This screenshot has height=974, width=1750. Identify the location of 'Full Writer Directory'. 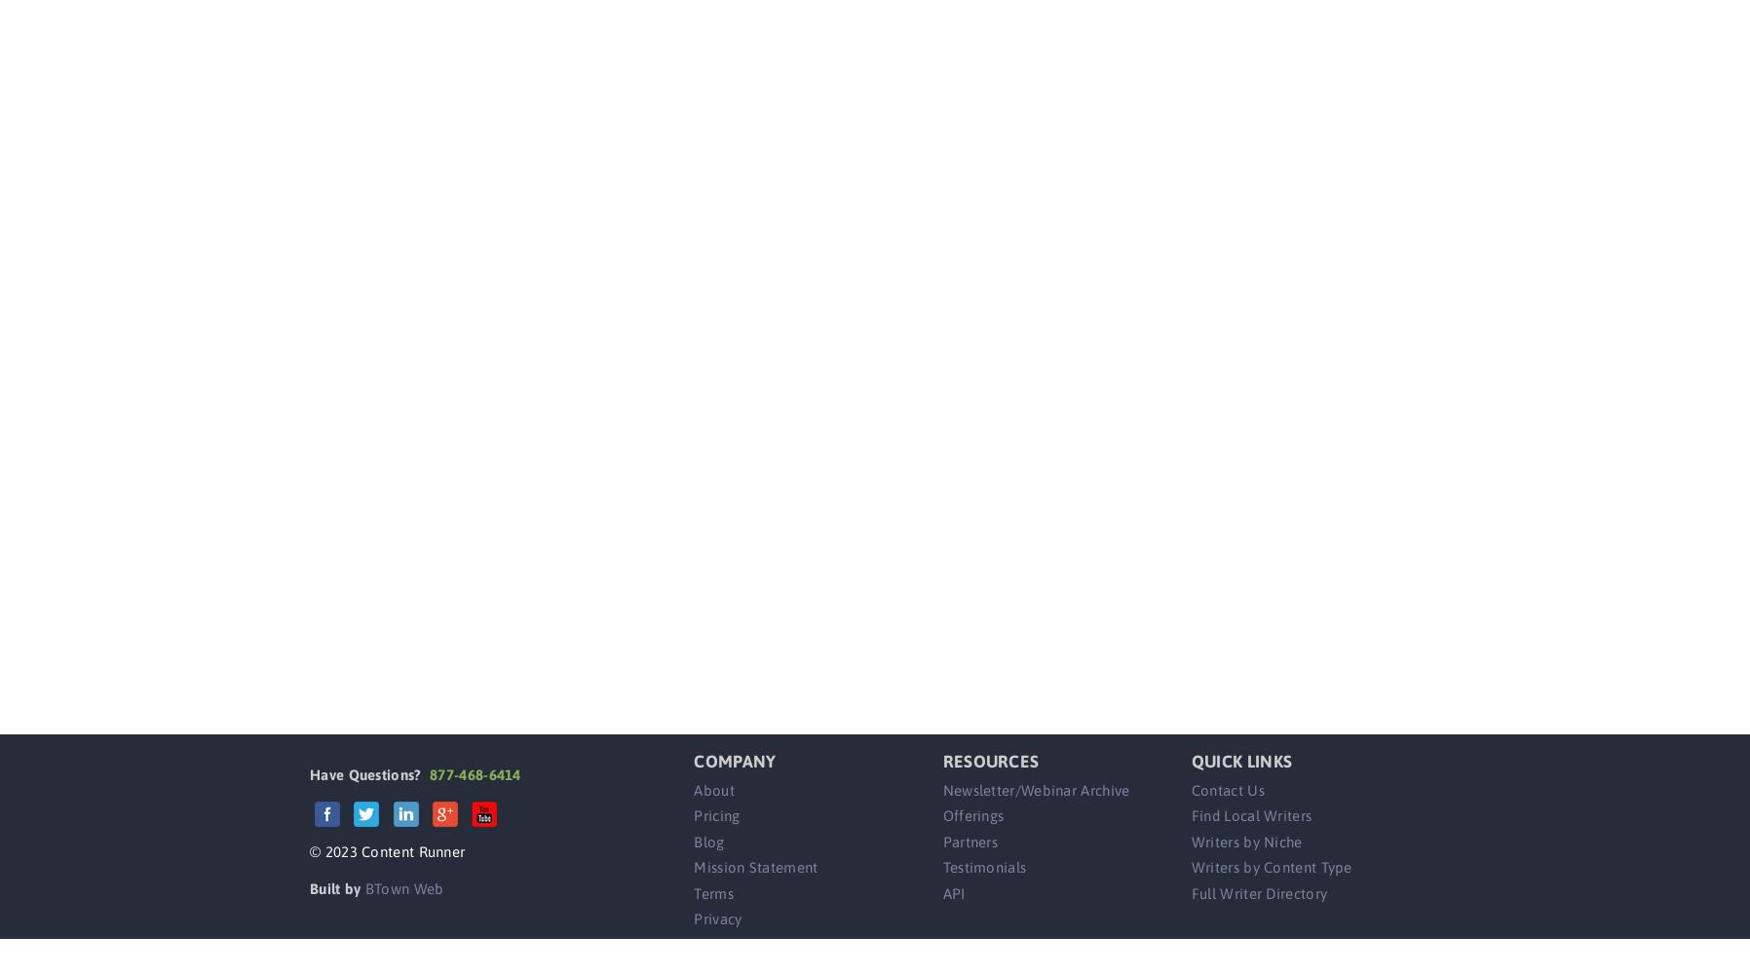
(1259, 892).